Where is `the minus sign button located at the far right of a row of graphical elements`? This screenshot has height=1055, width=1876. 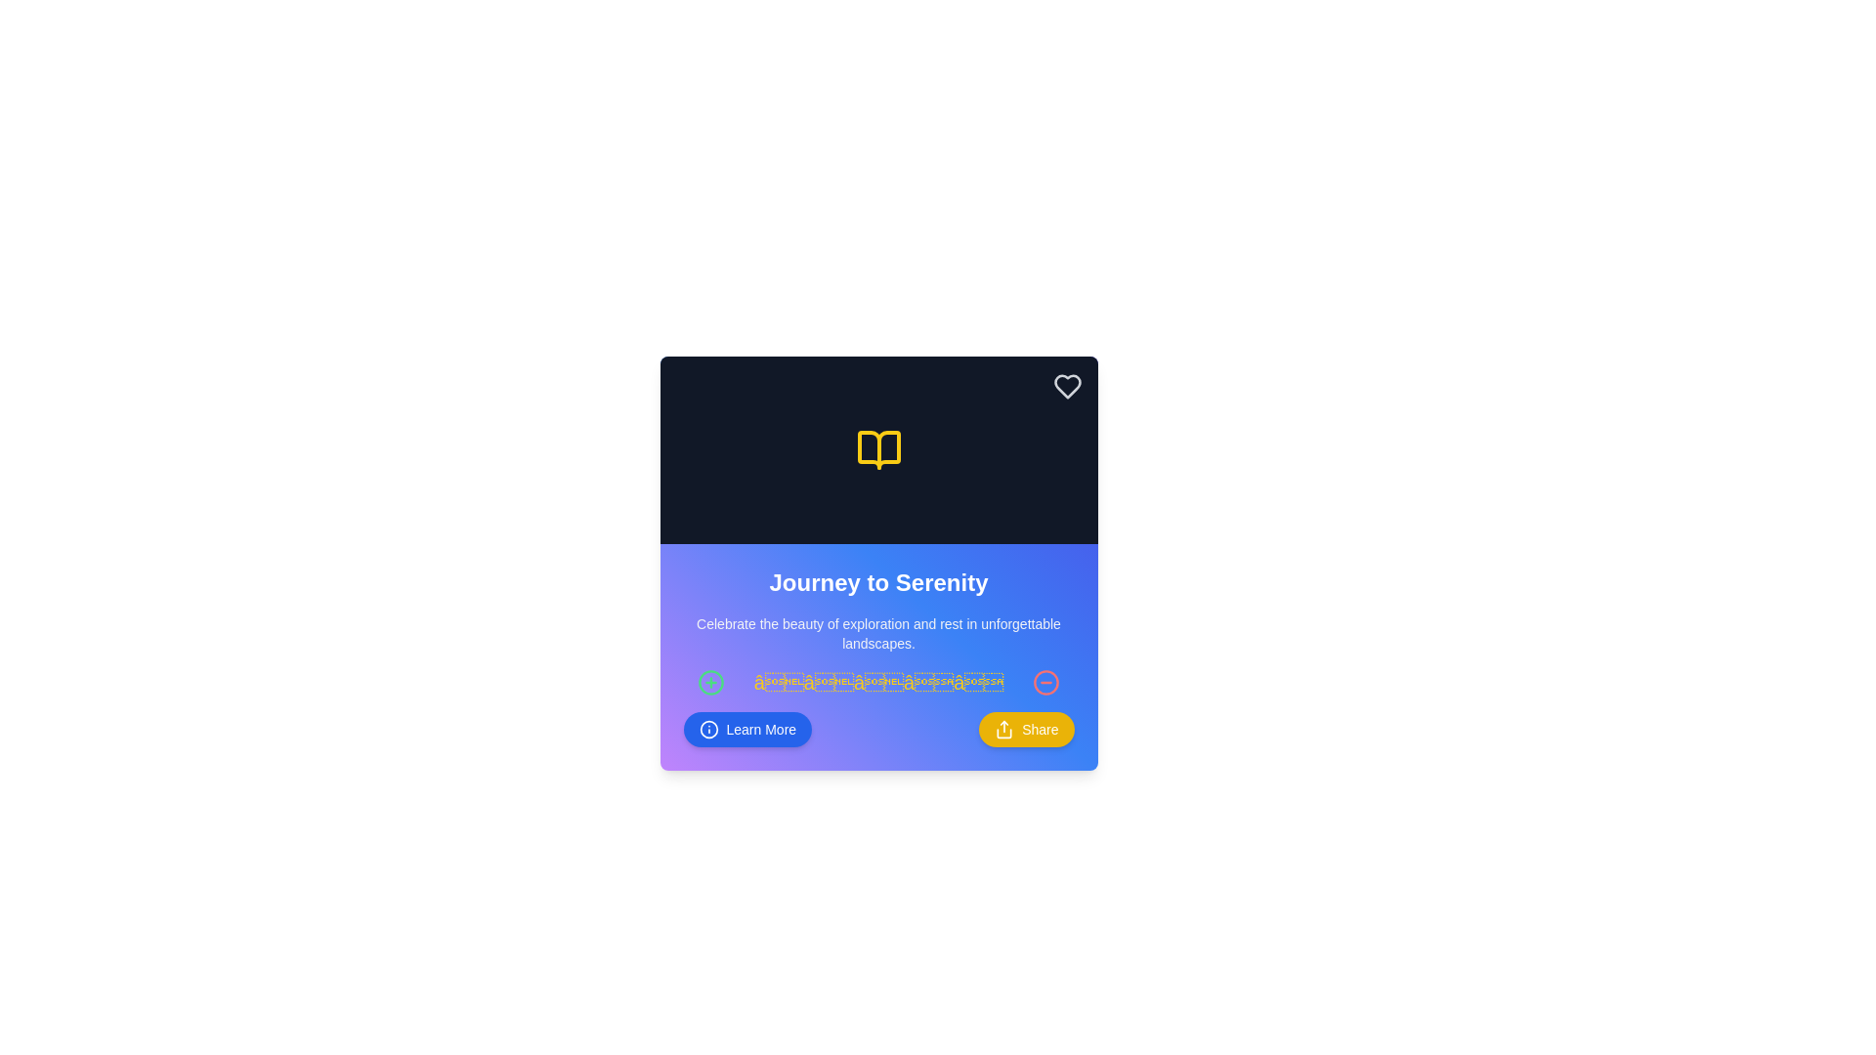
the minus sign button located at the far right of a row of graphical elements is located at coordinates (1045, 681).